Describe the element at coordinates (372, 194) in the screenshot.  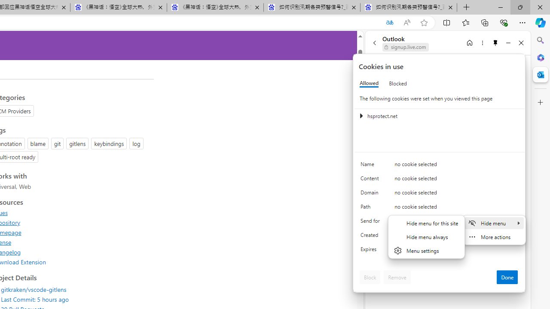
I see `'Domain'` at that location.